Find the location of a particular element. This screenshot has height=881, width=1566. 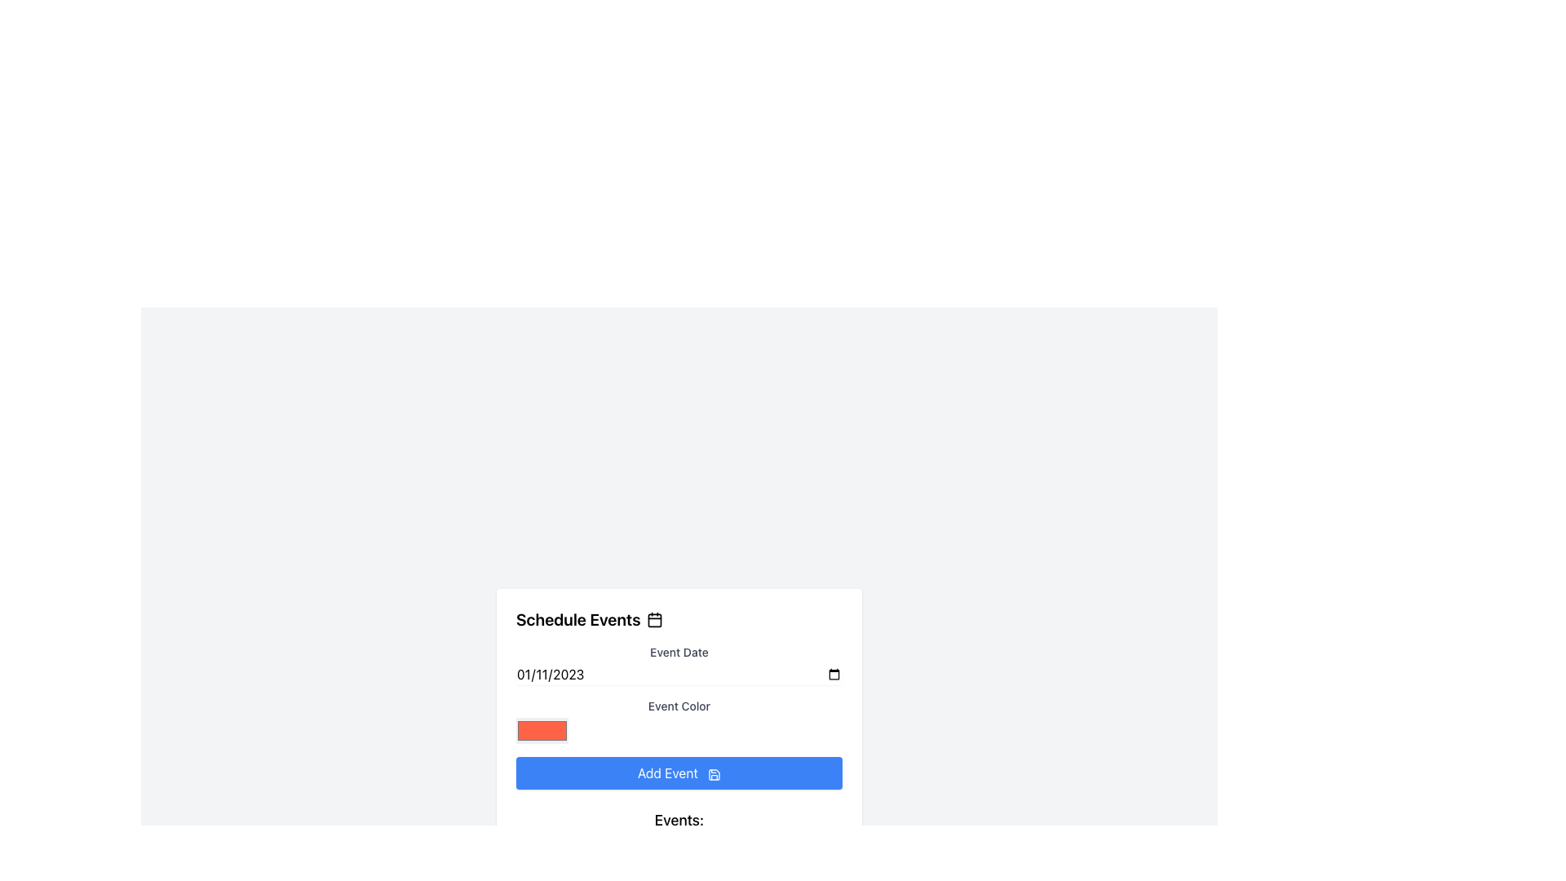

the Icon representing scheduling or calendar functionalities, located to the right of the 'Schedule Events' label in the header of a form-like section is located at coordinates (655, 619).